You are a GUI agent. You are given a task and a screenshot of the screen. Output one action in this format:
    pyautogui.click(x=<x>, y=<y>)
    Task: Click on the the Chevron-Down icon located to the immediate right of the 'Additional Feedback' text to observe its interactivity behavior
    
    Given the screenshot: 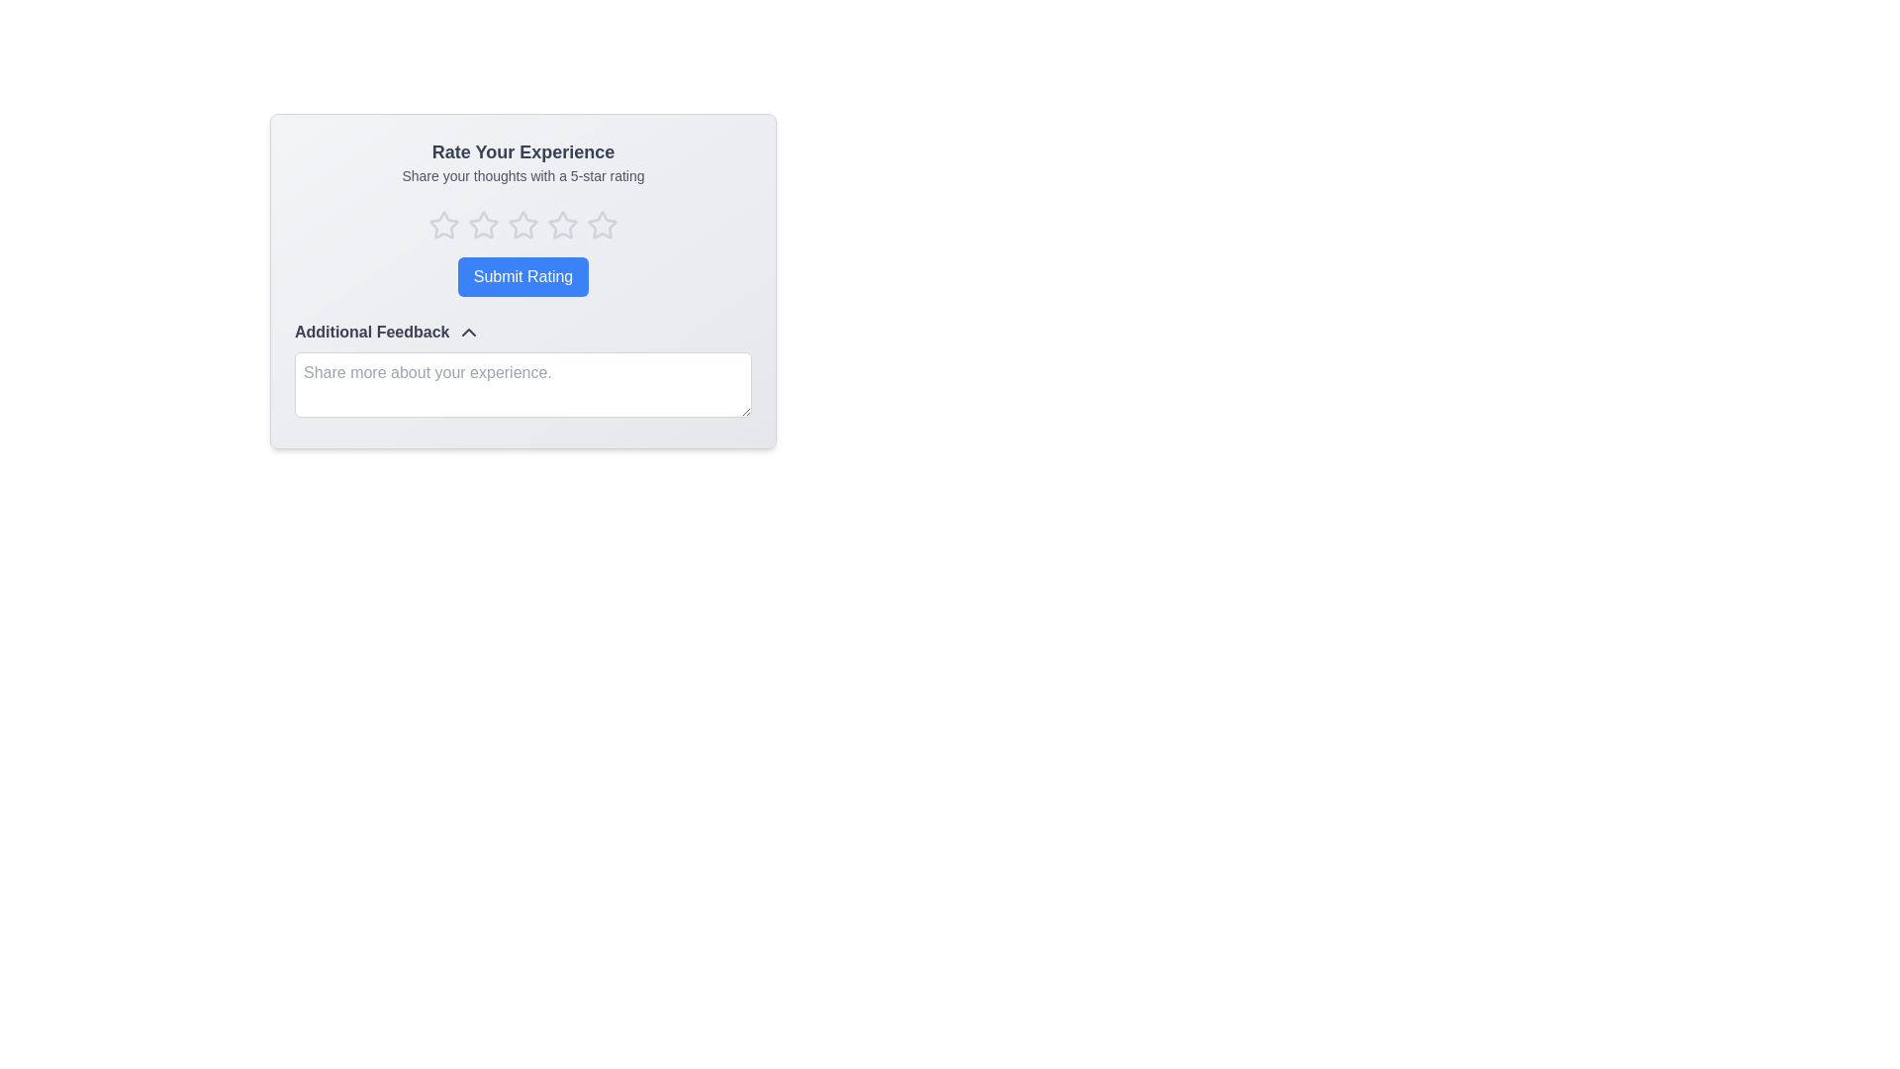 What is the action you would take?
    pyautogui.click(x=468, y=331)
    